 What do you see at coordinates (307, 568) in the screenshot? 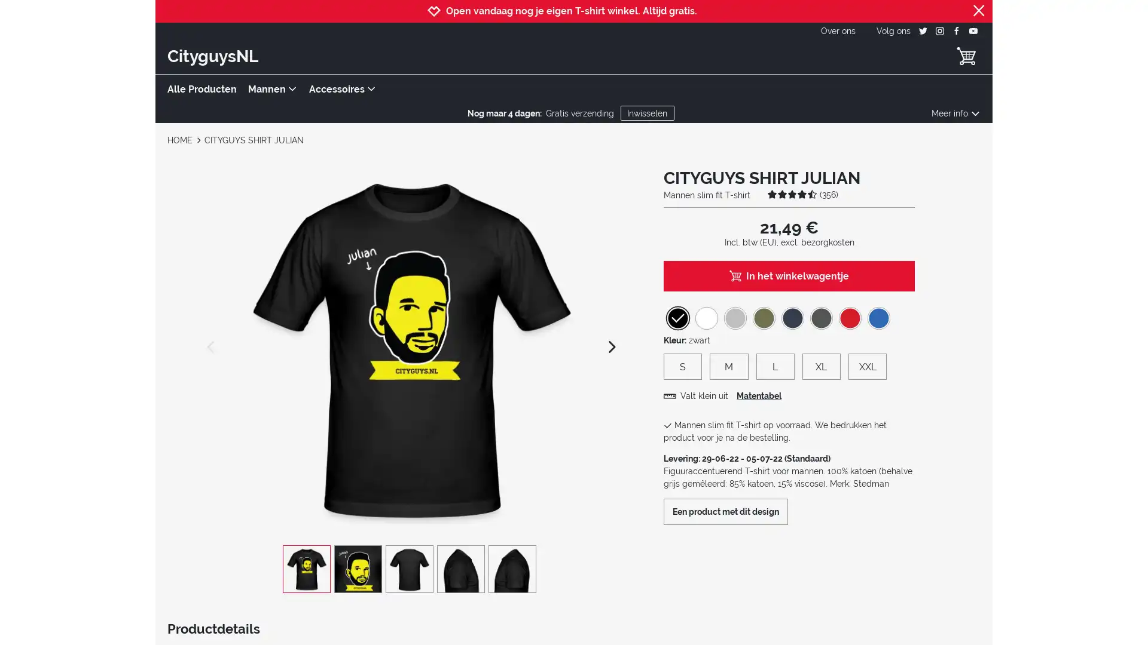
I see `CITYGUYS SHIRT JULIAN view 1` at bounding box center [307, 568].